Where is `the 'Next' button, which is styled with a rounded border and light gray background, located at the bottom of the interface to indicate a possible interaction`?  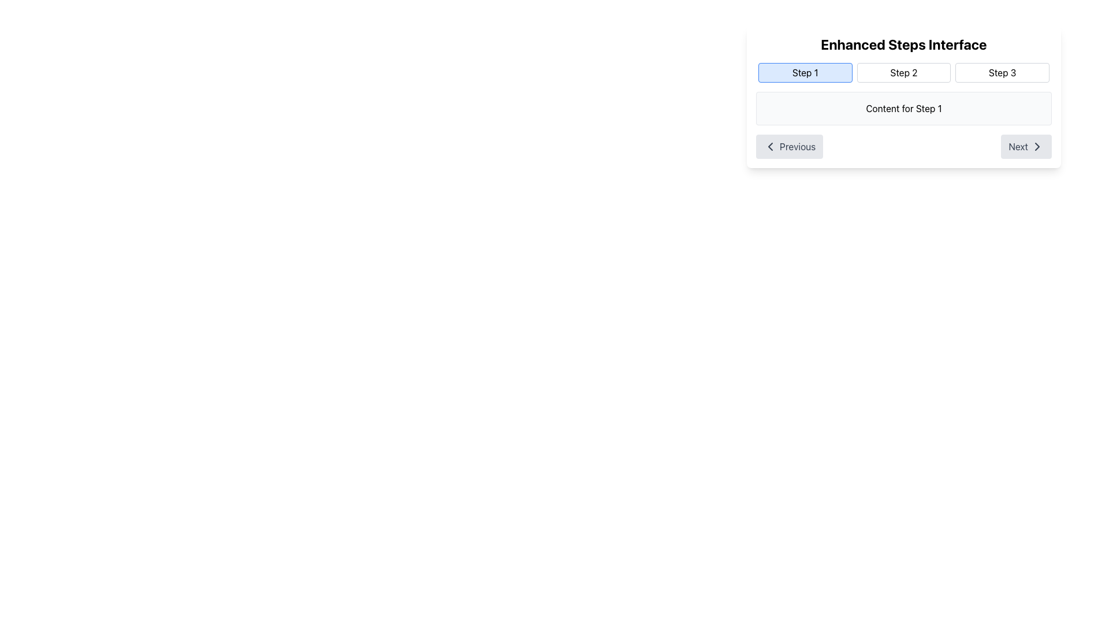
the 'Next' button, which is styled with a rounded border and light gray background, located at the bottom of the interface to indicate a possible interaction is located at coordinates (1026, 146).